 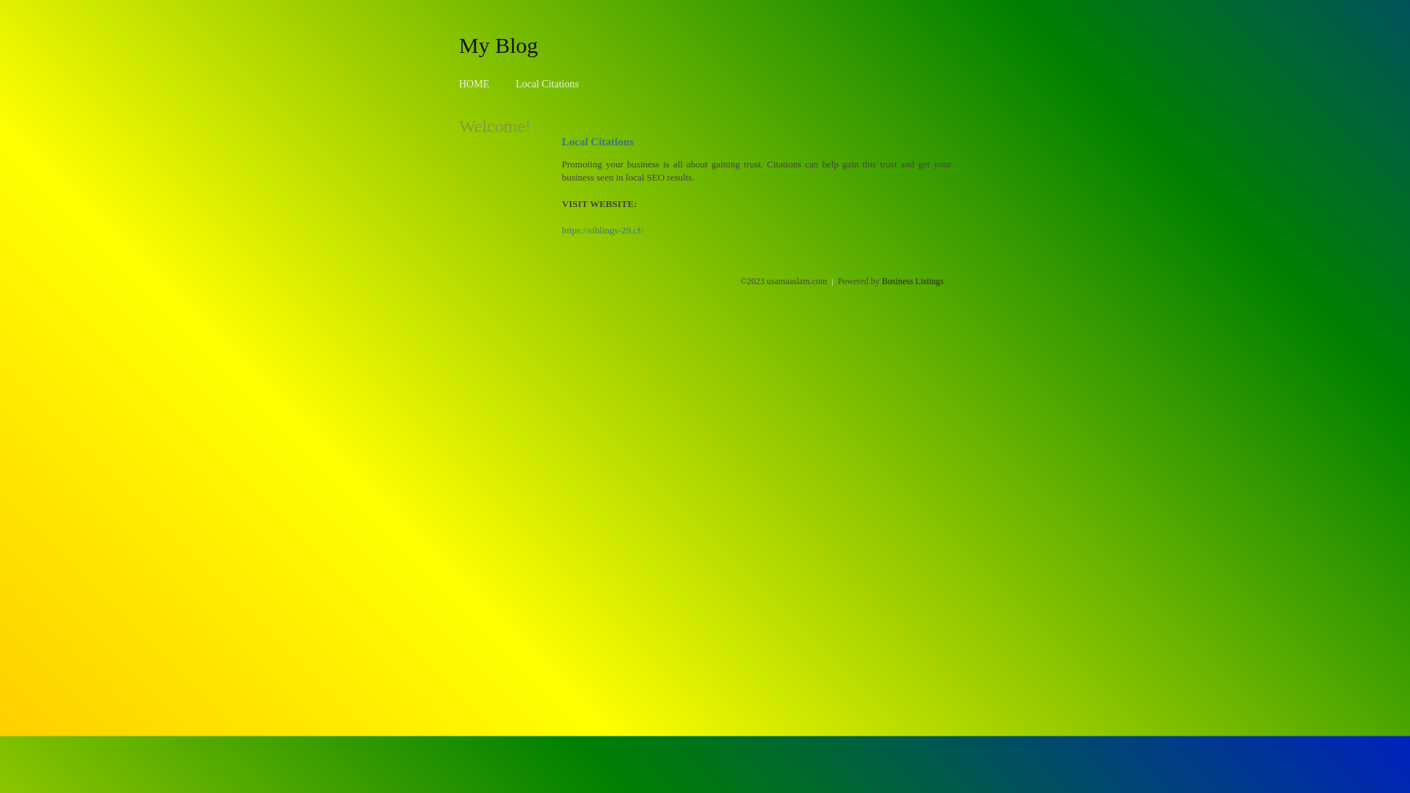 I want to click on 'My Blog', so click(x=458, y=44).